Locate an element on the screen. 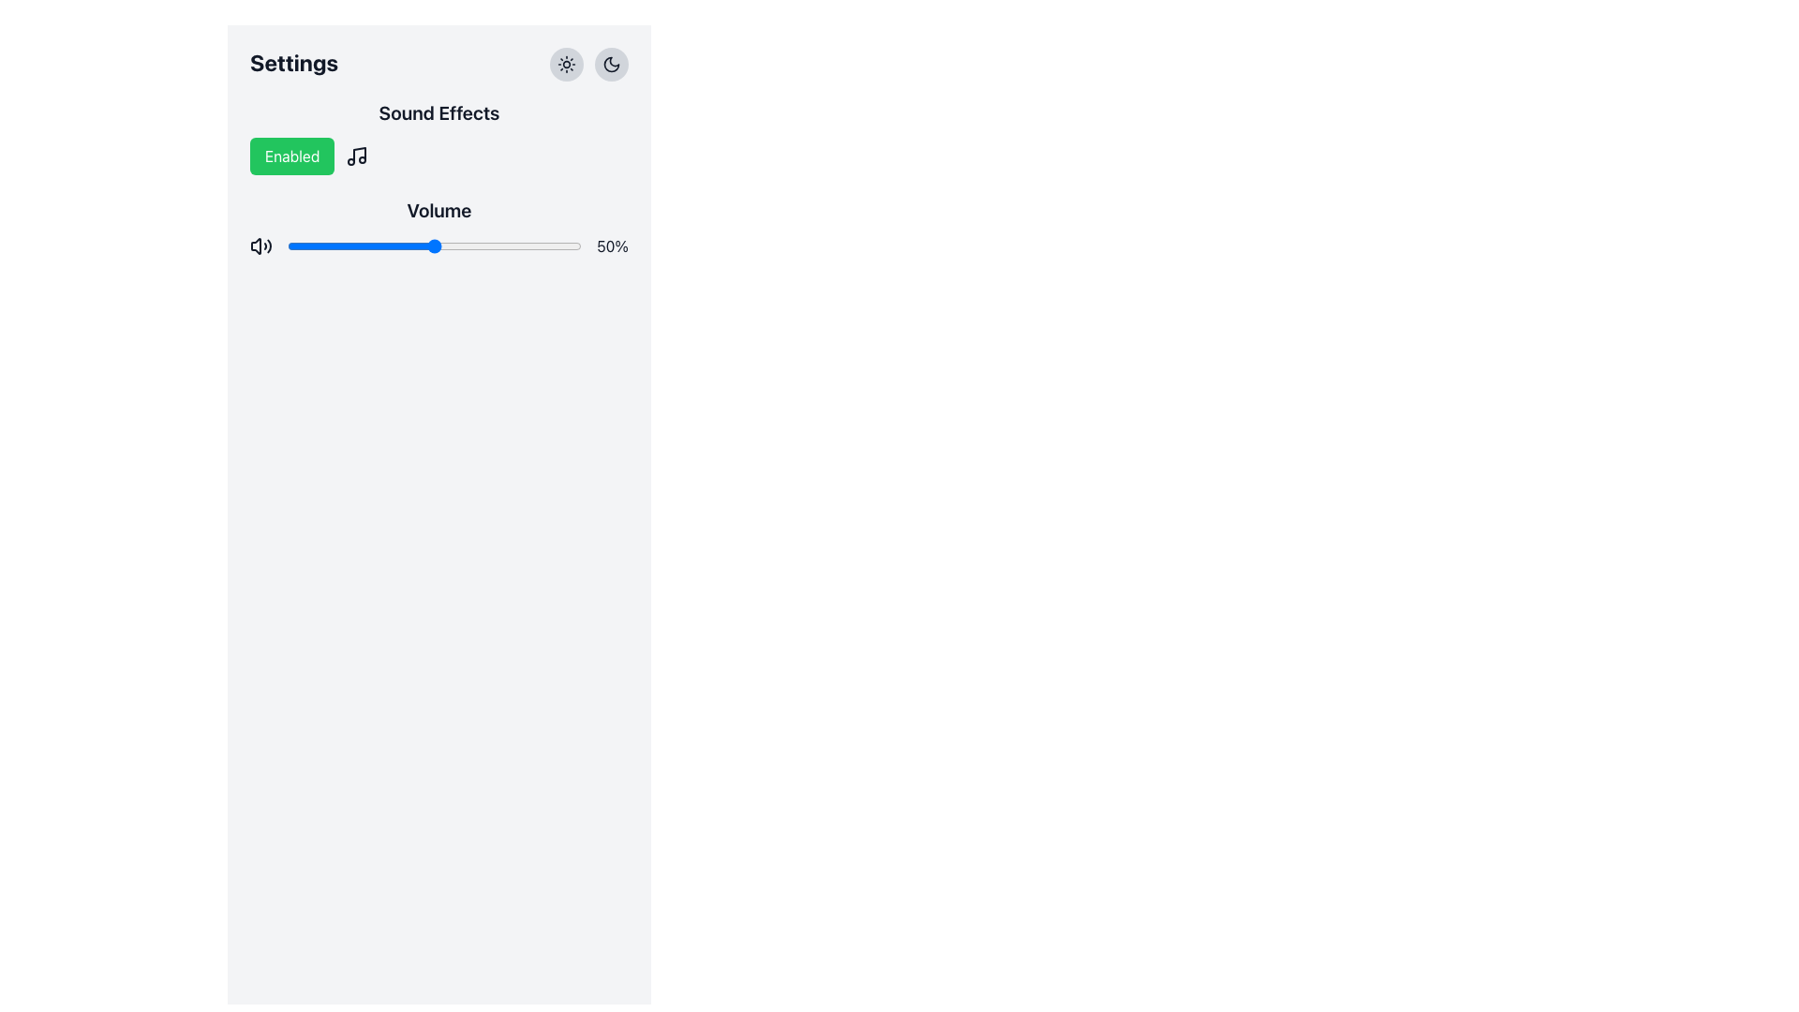 The height and width of the screenshot is (1012, 1799). the sound effects icon located in the 'Sound Effects' section, positioned to the right of the 'Enabled' button and slightly above the 'Volume' controls is located at coordinates (357, 155).